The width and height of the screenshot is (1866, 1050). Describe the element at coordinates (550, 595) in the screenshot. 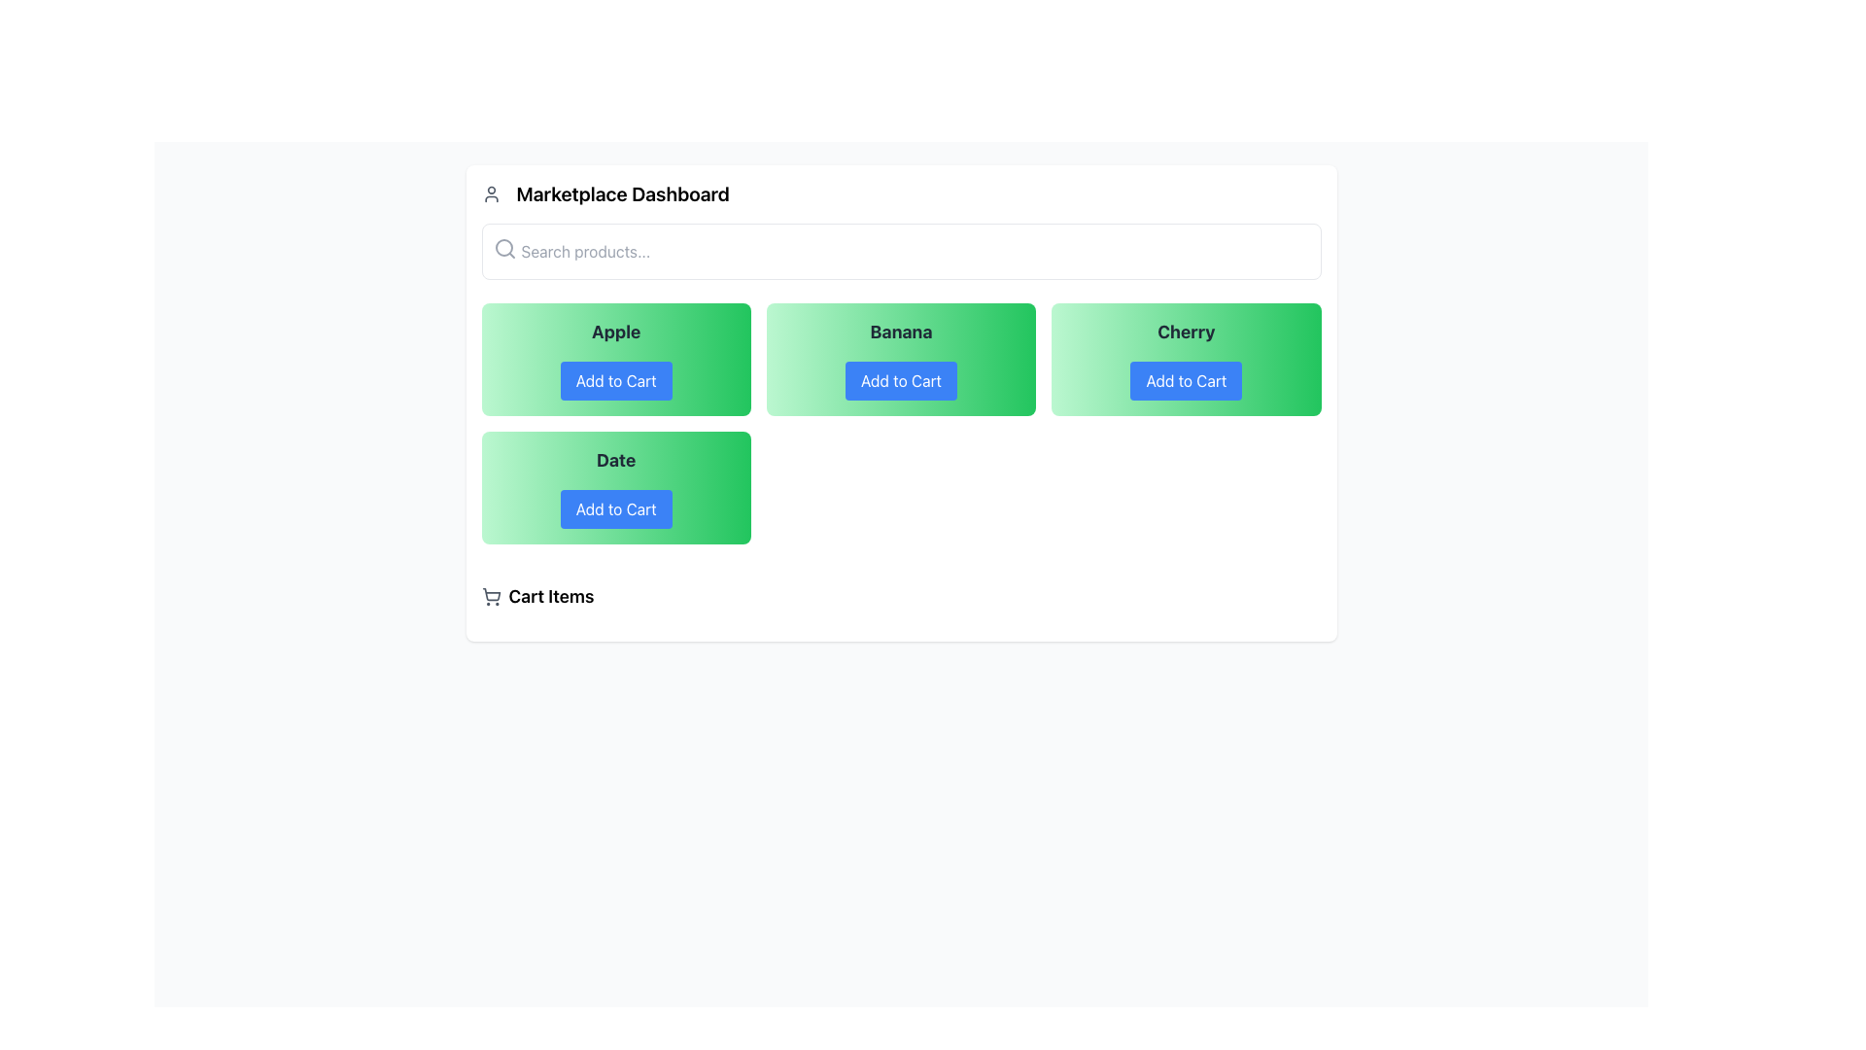

I see `the static text label indicating the section for cart-related actions, located in the lower-left region of the interface below the product presentation grid` at that location.